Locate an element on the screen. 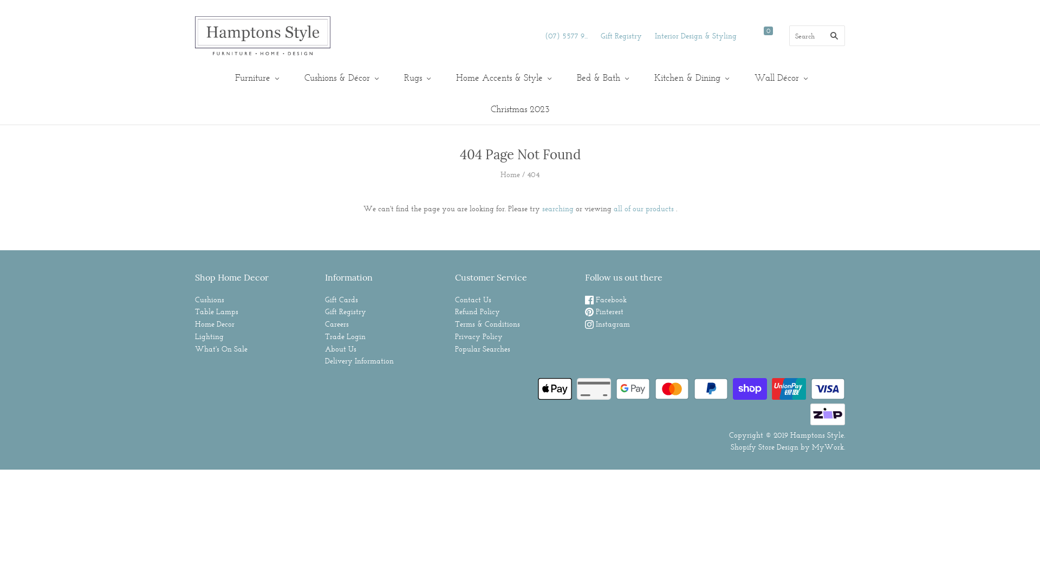 The image size is (1040, 585). 'Lighting' is located at coordinates (209, 336).